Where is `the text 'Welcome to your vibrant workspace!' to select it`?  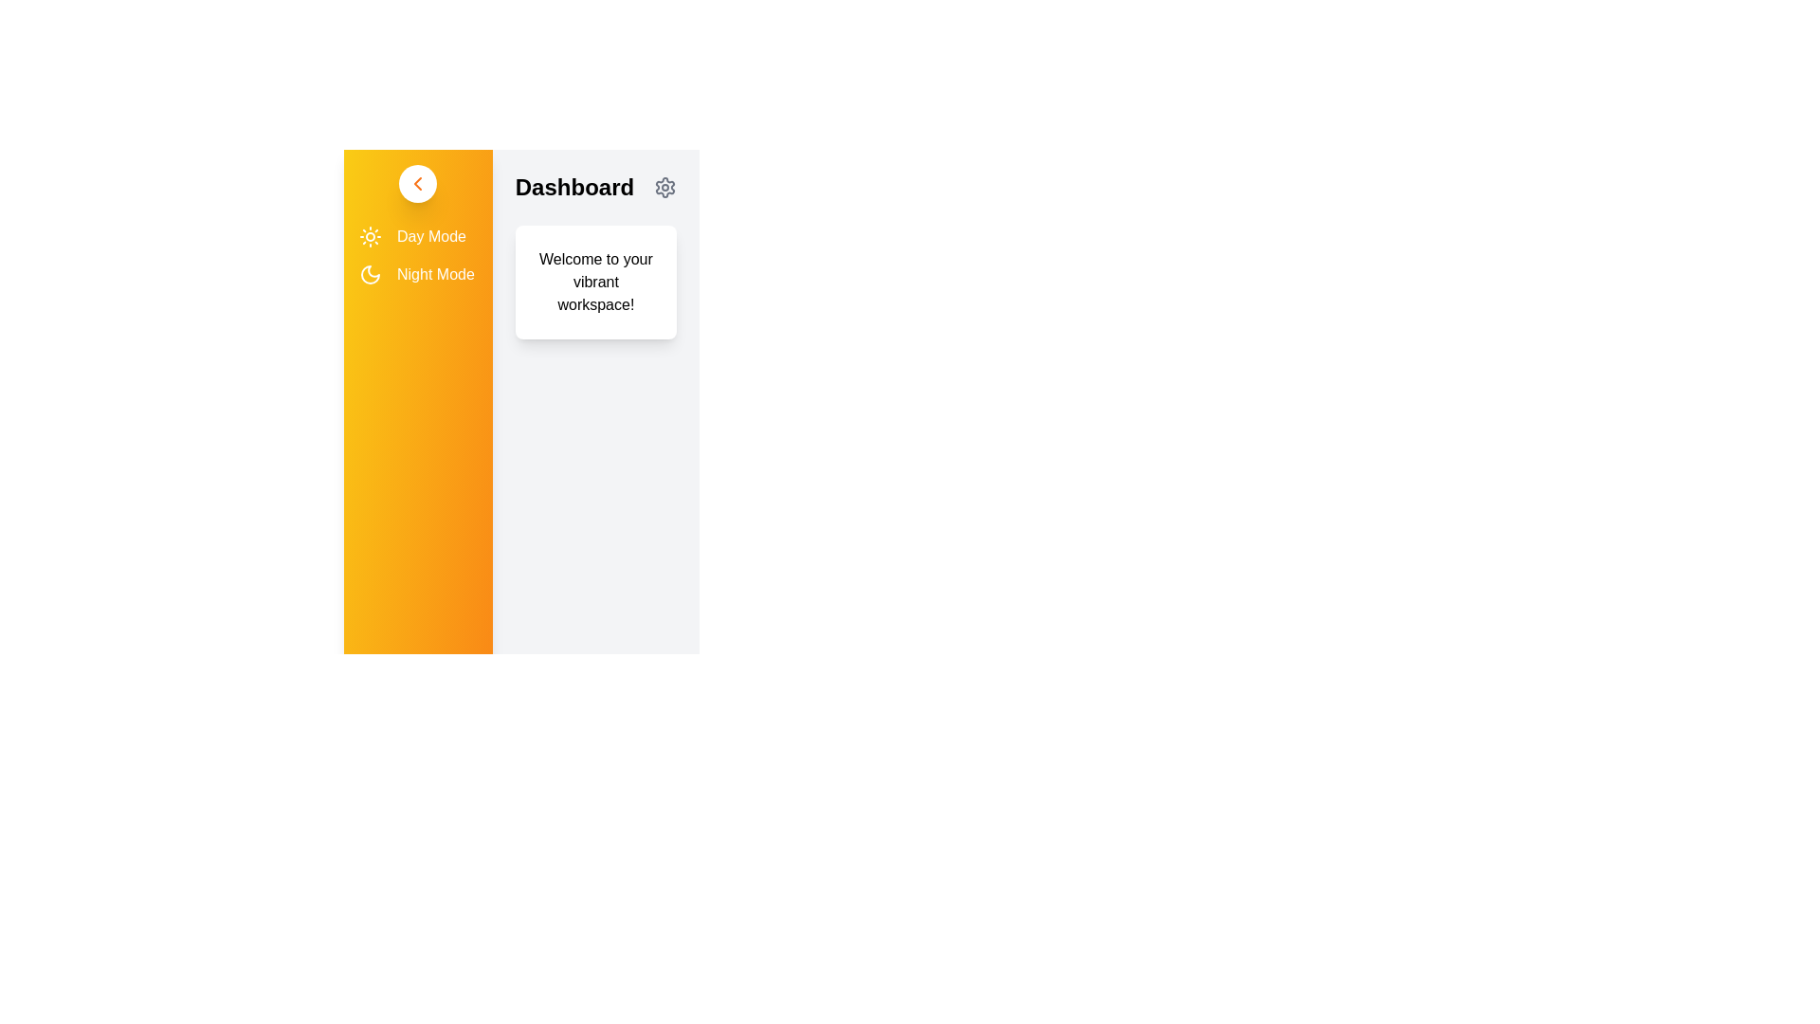 the text 'Welcome to your vibrant workspace!' to select it is located at coordinates (594, 282).